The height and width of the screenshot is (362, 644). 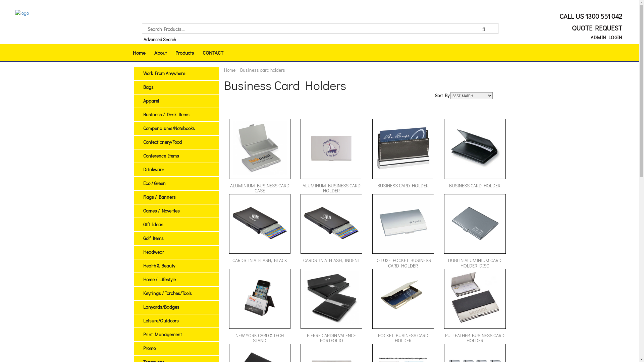 What do you see at coordinates (447, 148) in the screenshot?
I see `'Business Card Holder (972_NOTT)'` at bounding box center [447, 148].